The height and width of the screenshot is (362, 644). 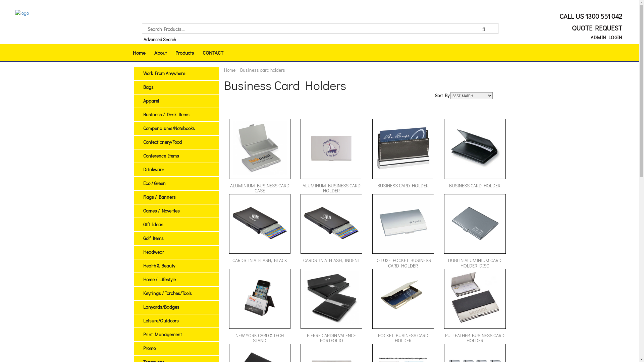 What do you see at coordinates (447, 148) in the screenshot?
I see `'Business Card Holder (972_NOTT)'` at bounding box center [447, 148].